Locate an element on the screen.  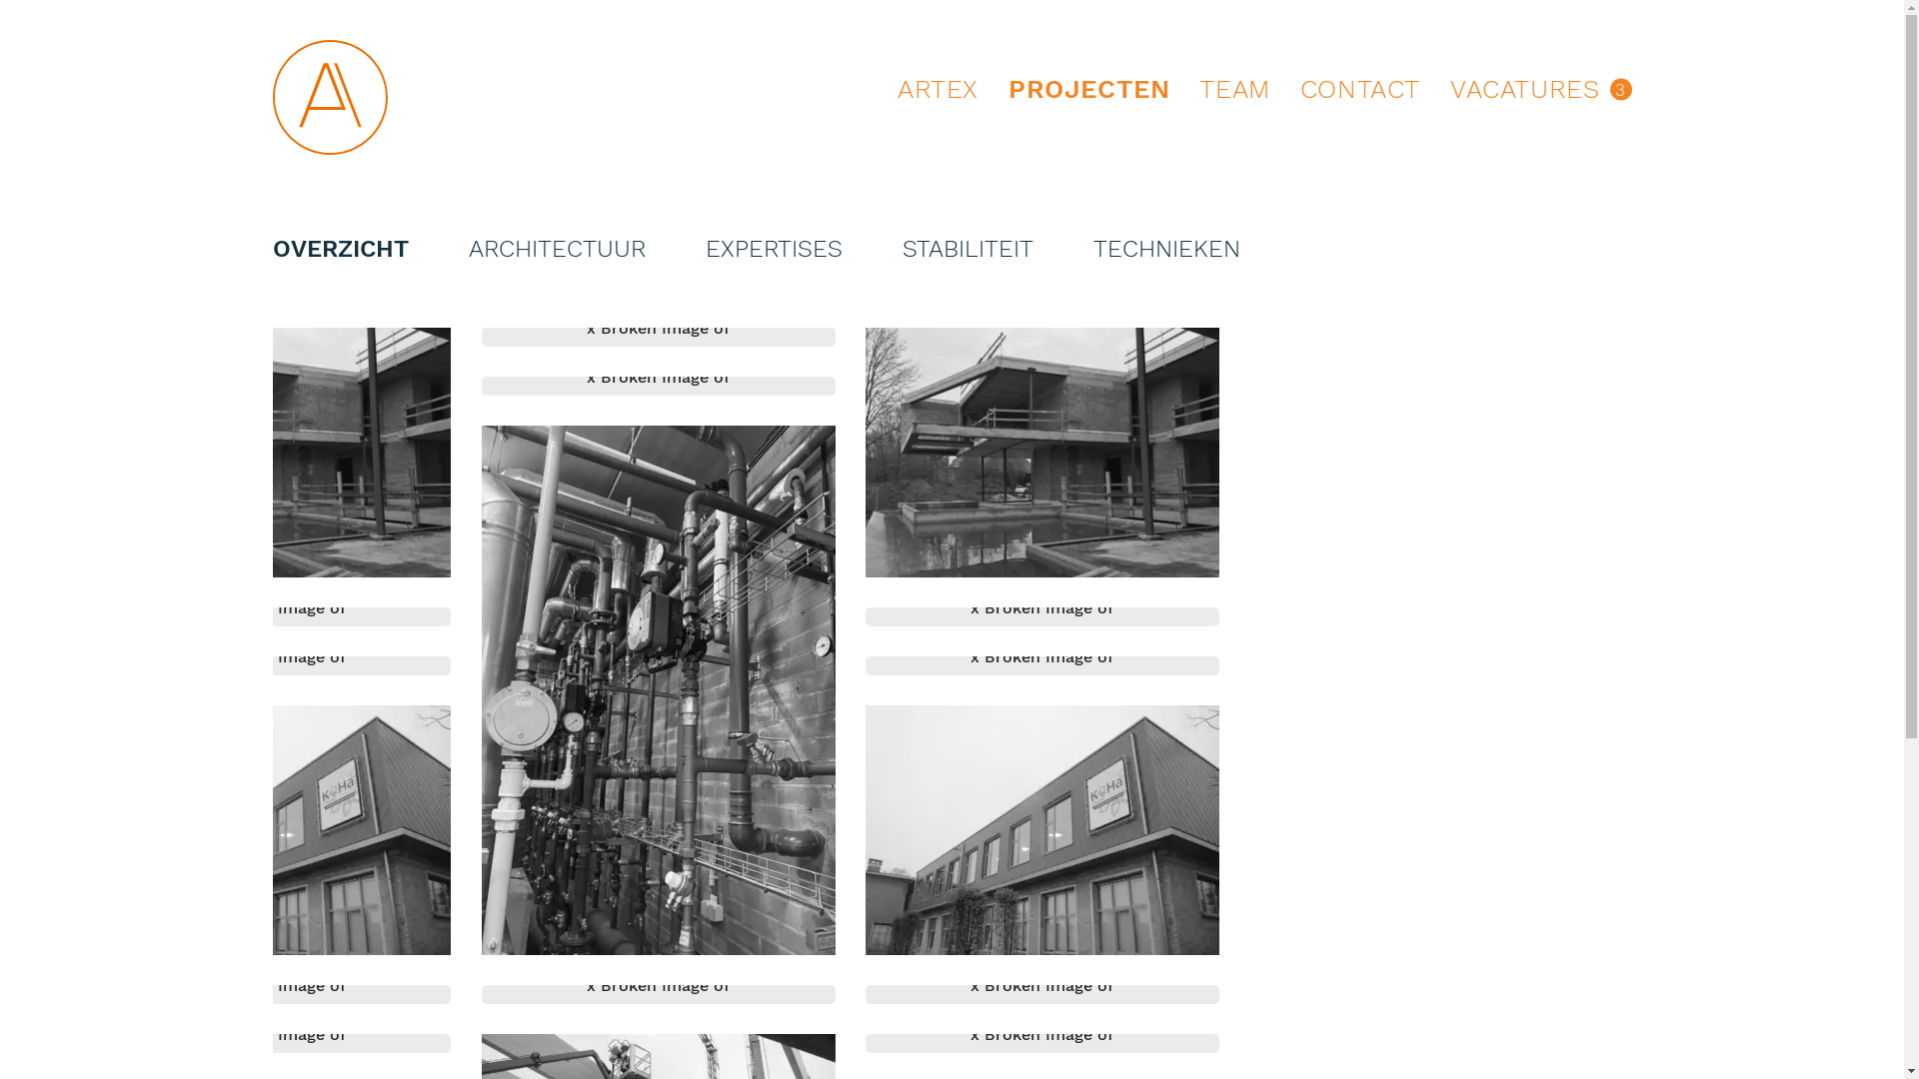
'VACATURES is located at coordinates (1539, 94).